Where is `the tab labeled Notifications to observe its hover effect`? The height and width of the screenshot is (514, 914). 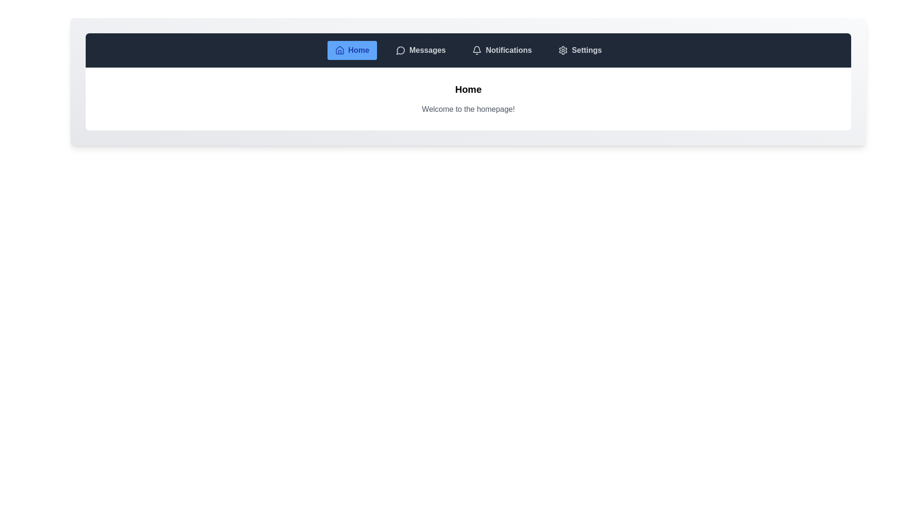
the tab labeled Notifications to observe its hover effect is located at coordinates (501, 50).